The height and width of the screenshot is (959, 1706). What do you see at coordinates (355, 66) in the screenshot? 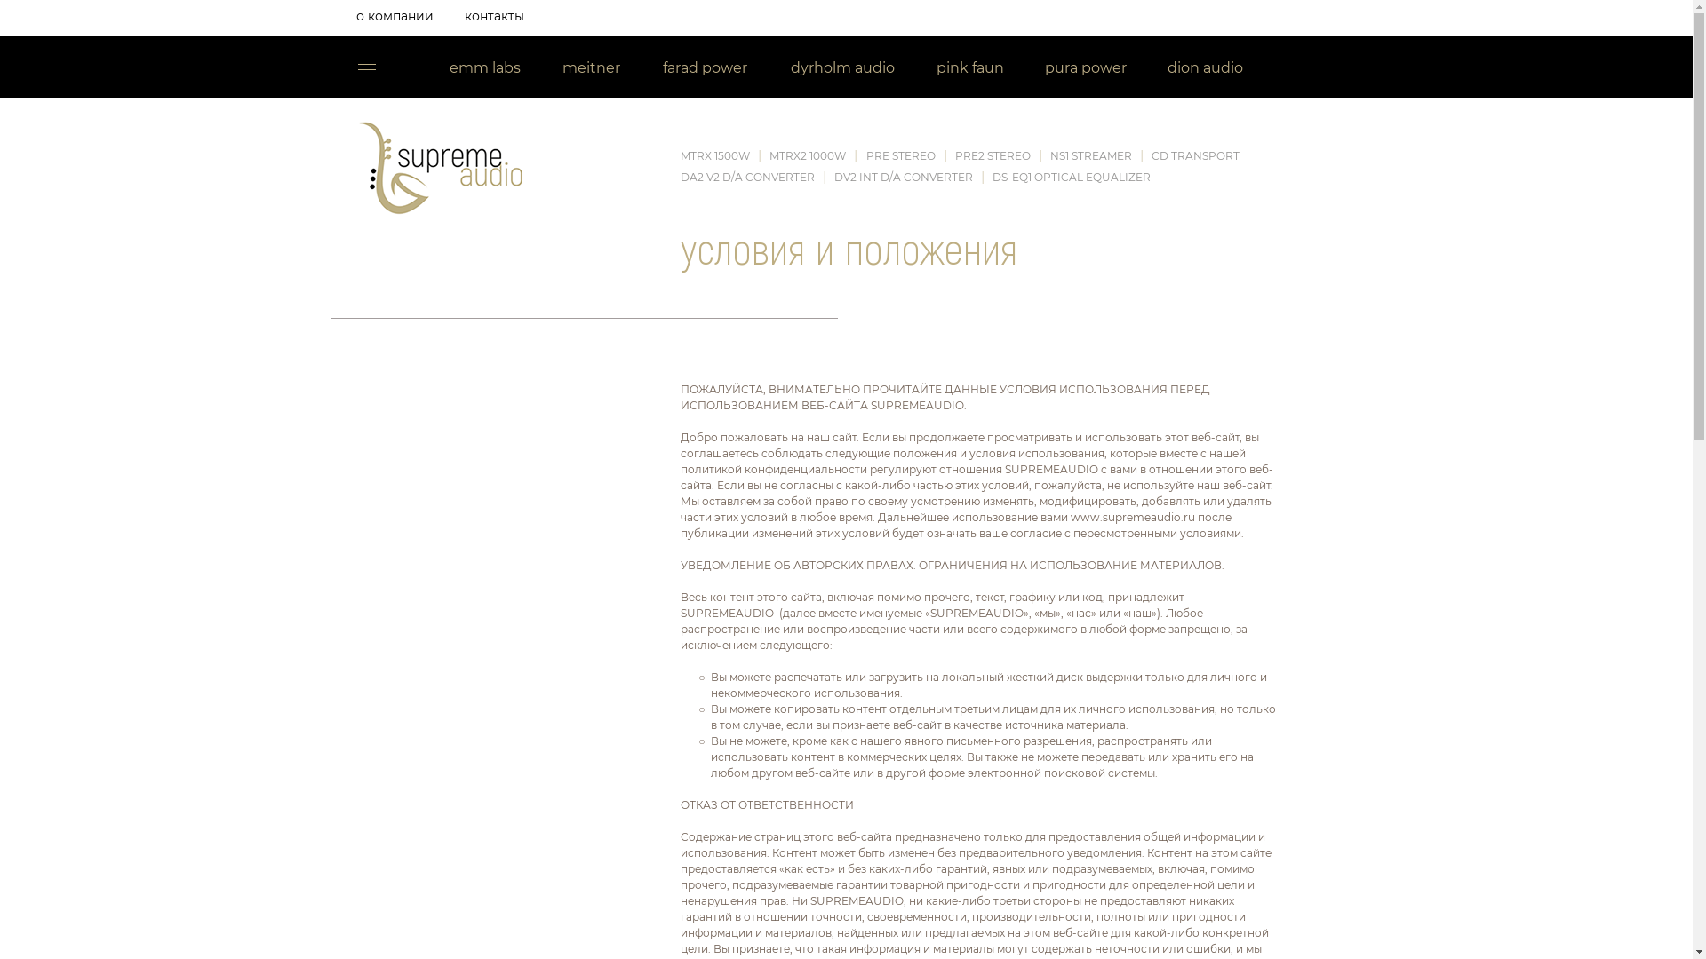
I see `'LOGO BRANDS'` at bounding box center [355, 66].